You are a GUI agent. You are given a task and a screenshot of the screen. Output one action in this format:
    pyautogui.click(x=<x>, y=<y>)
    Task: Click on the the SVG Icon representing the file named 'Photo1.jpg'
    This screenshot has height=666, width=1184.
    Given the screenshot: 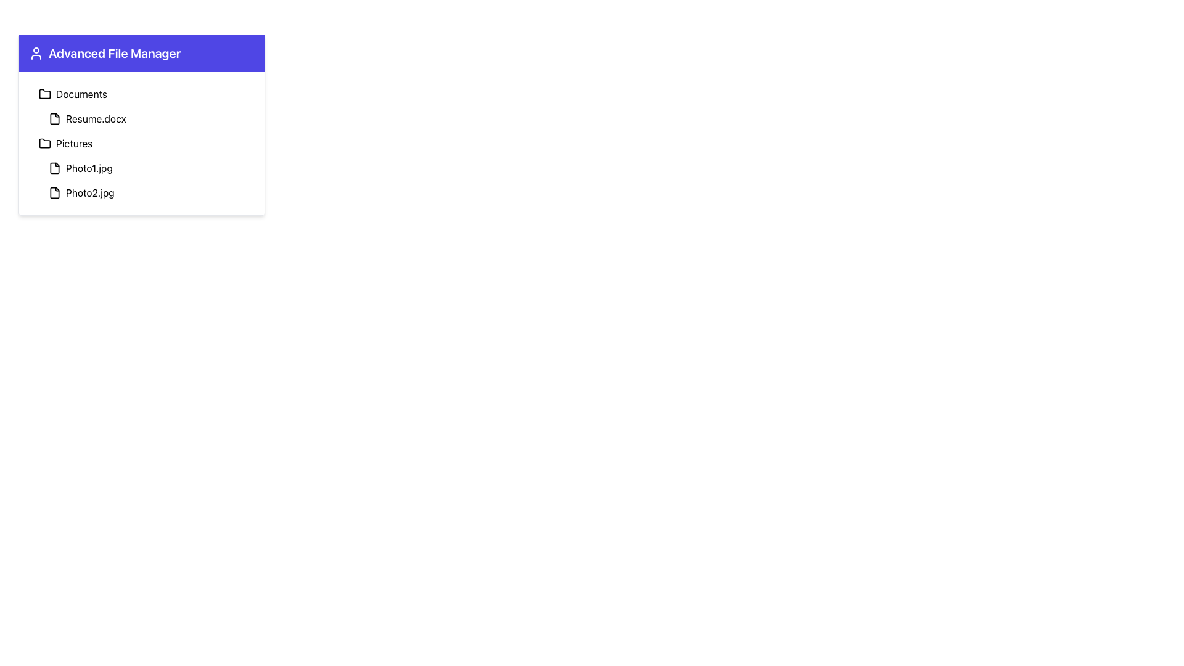 What is the action you would take?
    pyautogui.click(x=54, y=168)
    